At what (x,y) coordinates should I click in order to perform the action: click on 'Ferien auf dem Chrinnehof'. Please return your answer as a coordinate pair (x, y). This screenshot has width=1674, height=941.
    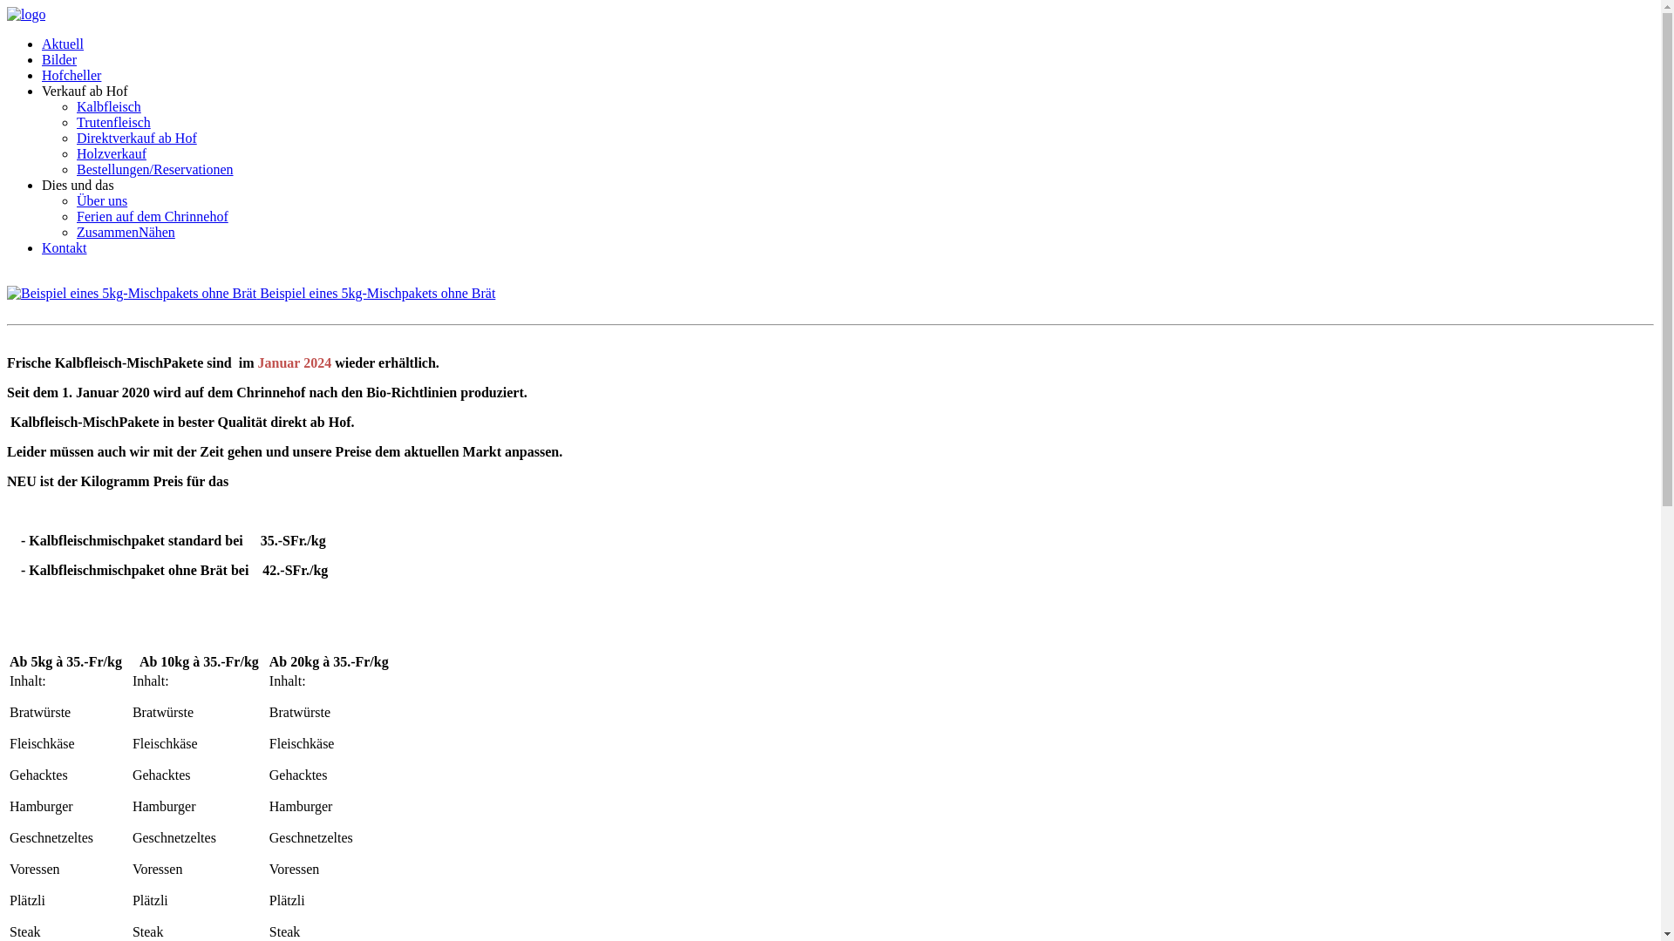
    Looking at the image, I should click on (152, 215).